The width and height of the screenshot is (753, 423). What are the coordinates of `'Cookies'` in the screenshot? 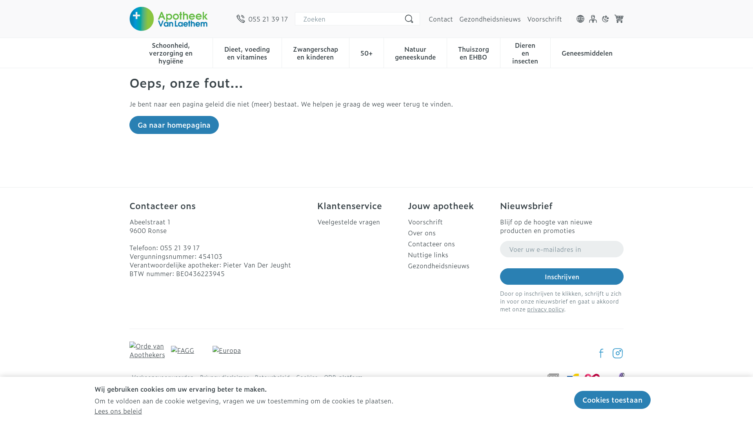 It's located at (306, 377).